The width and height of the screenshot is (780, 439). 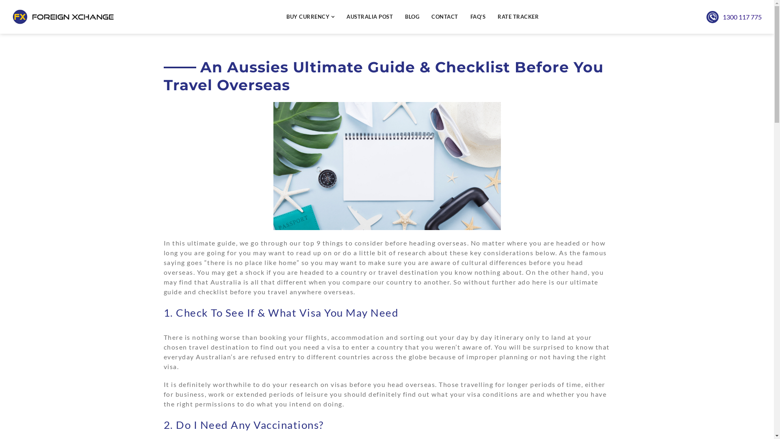 What do you see at coordinates (518, 17) in the screenshot?
I see `'RATE TRACKER'` at bounding box center [518, 17].